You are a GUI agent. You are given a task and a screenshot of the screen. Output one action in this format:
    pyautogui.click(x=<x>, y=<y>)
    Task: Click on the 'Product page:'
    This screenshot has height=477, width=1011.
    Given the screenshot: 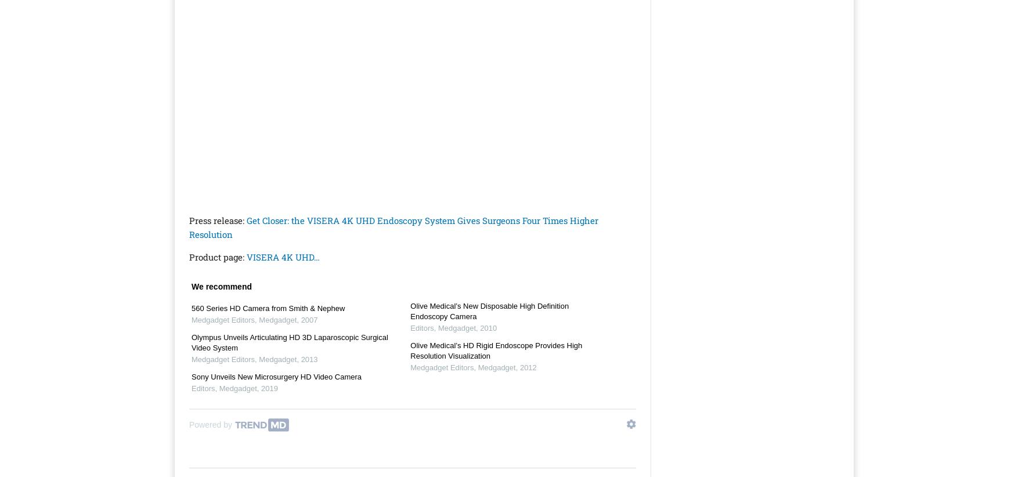 What is the action you would take?
    pyautogui.click(x=188, y=256)
    